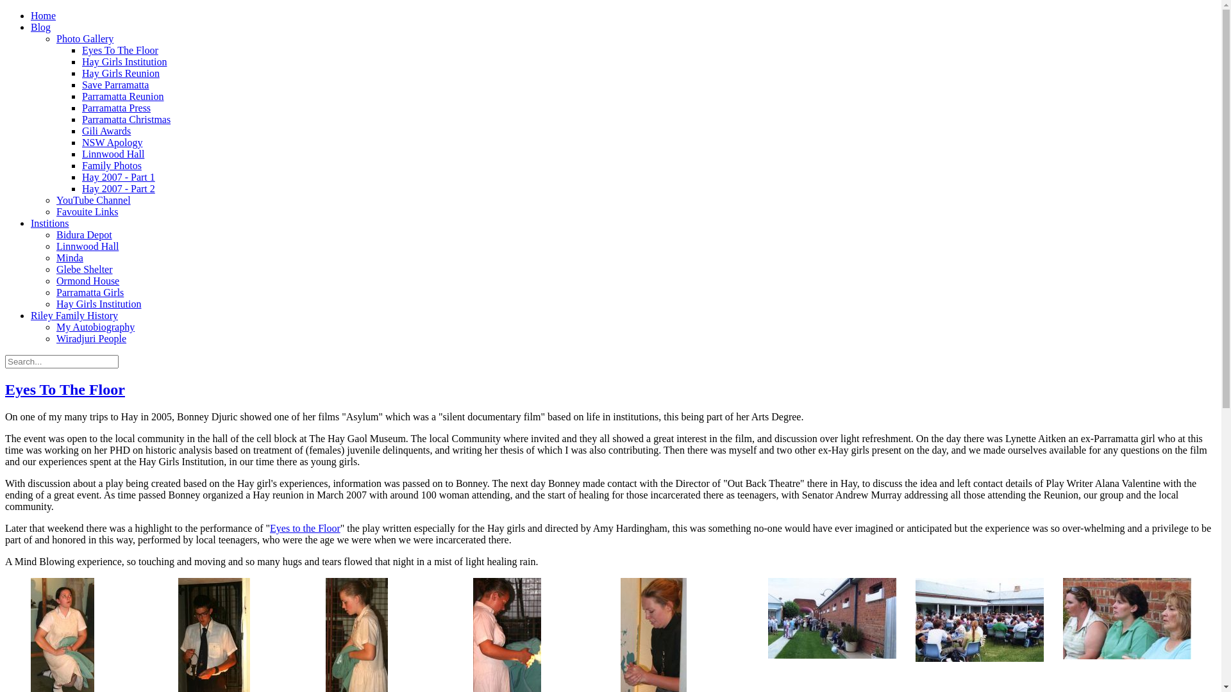 The height and width of the screenshot is (692, 1231). I want to click on 'Parramatta Christmas', so click(126, 119).